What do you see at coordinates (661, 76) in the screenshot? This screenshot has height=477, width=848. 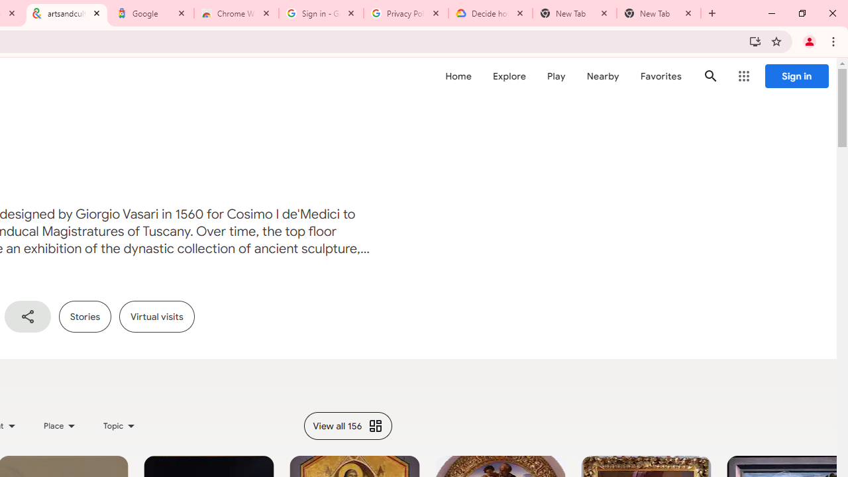 I see `'Favorites'` at bounding box center [661, 76].